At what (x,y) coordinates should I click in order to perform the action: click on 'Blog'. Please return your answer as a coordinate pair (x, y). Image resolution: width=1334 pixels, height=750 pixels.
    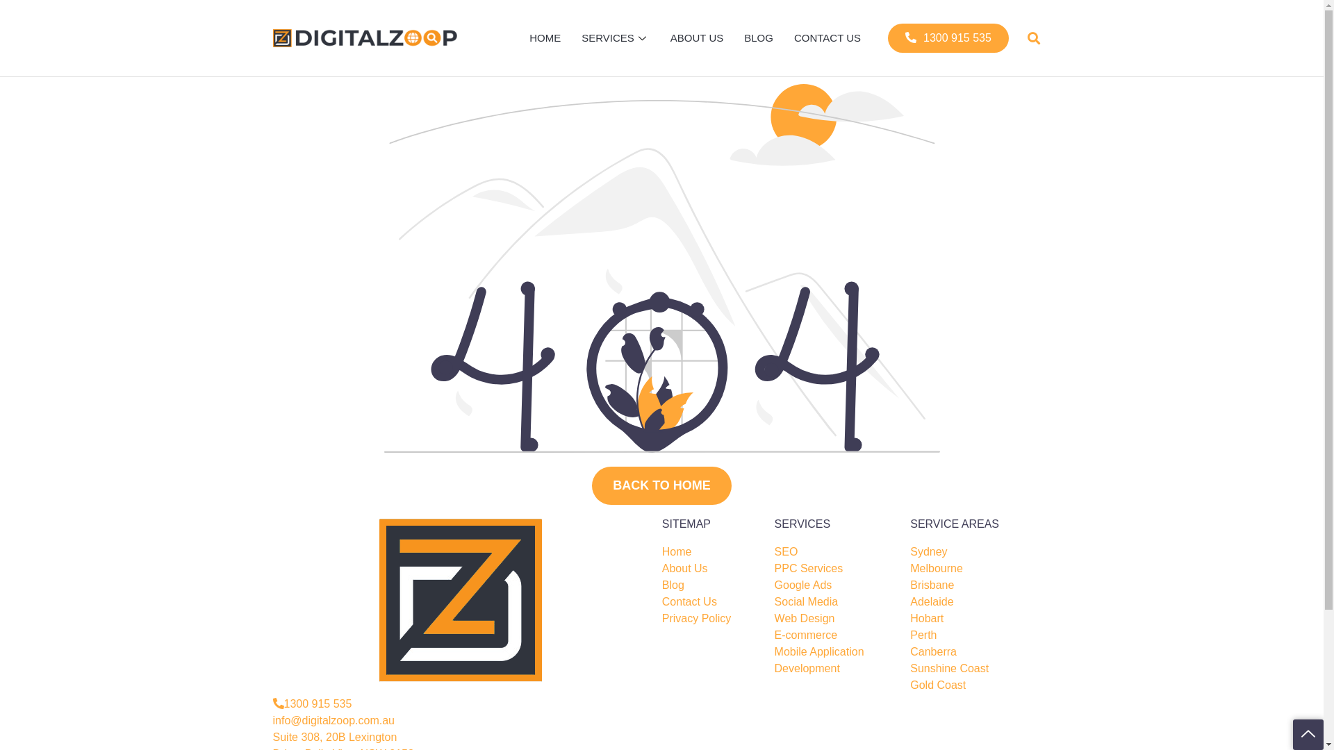
    Looking at the image, I should click on (673, 585).